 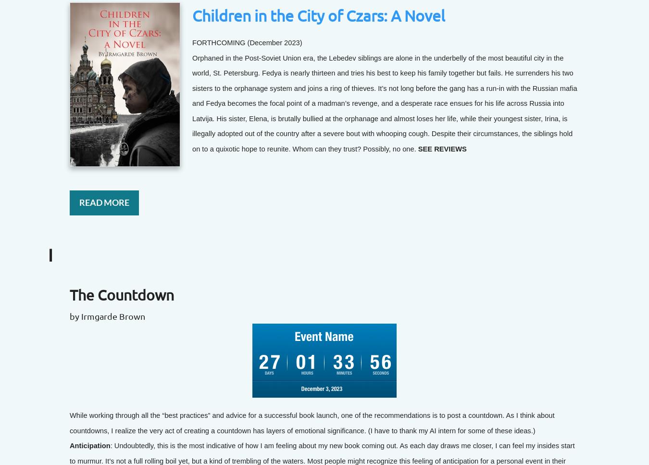 I want to click on 'Read more', so click(x=104, y=202).